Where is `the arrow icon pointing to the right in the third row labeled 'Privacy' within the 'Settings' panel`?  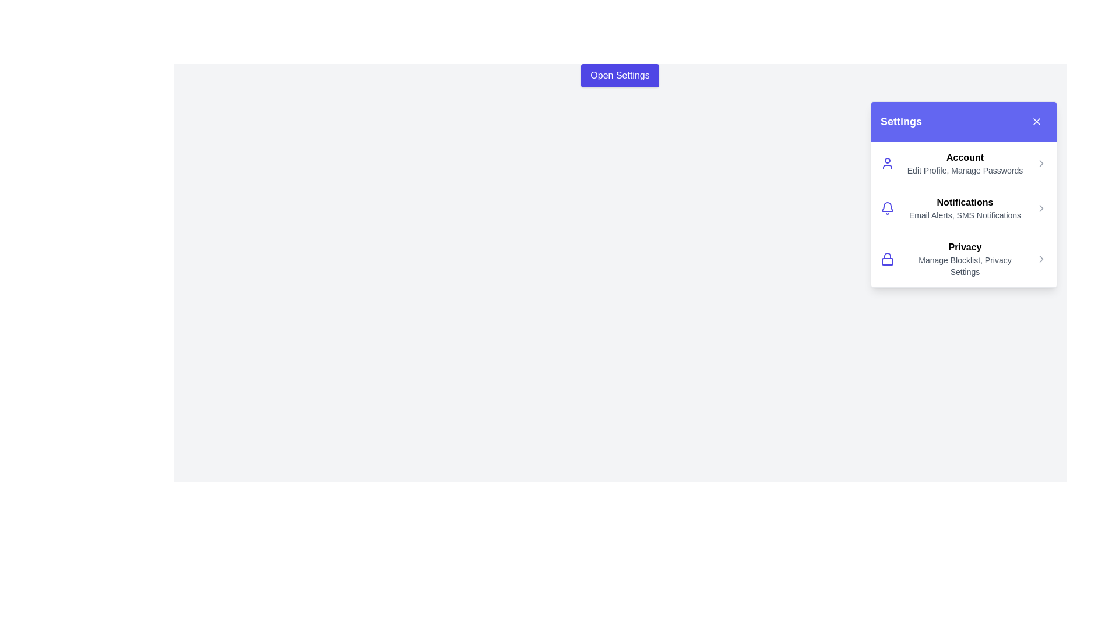 the arrow icon pointing to the right in the third row labeled 'Privacy' within the 'Settings' panel is located at coordinates (1041, 258).